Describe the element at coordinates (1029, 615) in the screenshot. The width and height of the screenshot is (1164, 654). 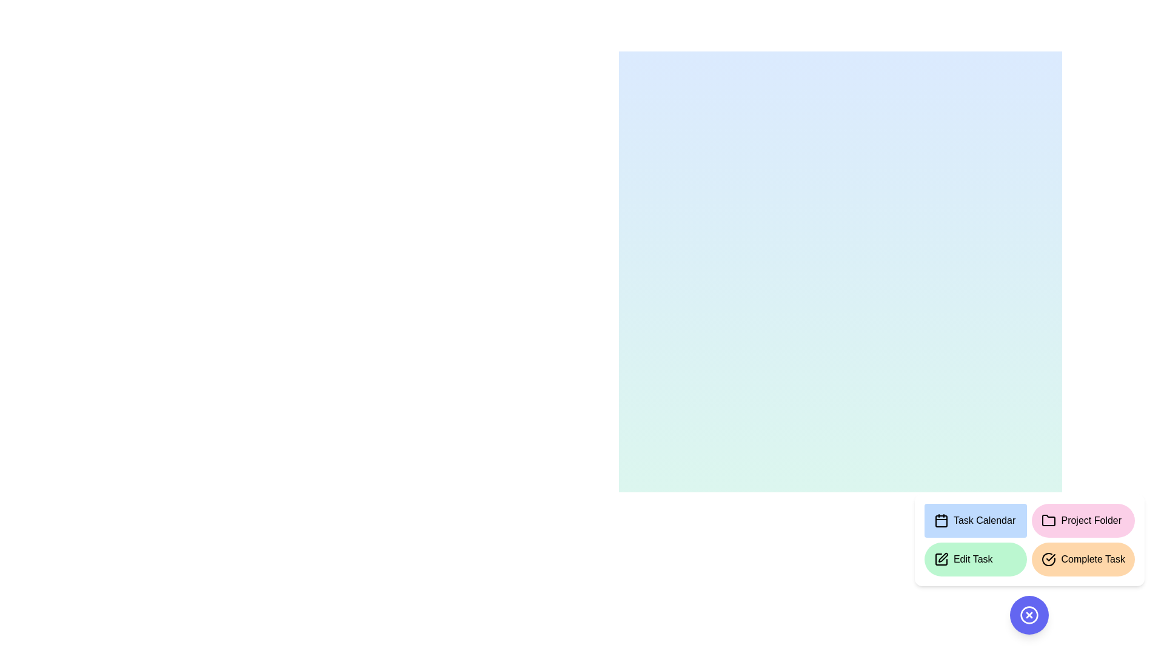
I see `the circular button with an indigo background and a white 'X' icon` at that location.